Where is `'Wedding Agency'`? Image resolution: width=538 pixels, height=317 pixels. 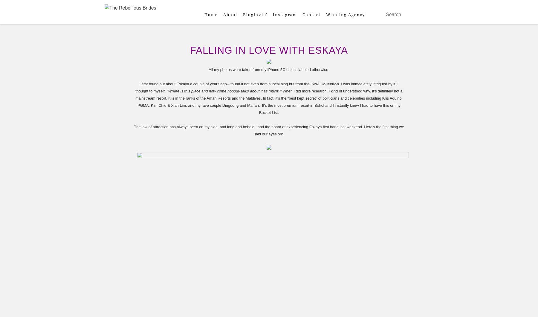 'Wedding Agency' is located at coordinates (345, 15).